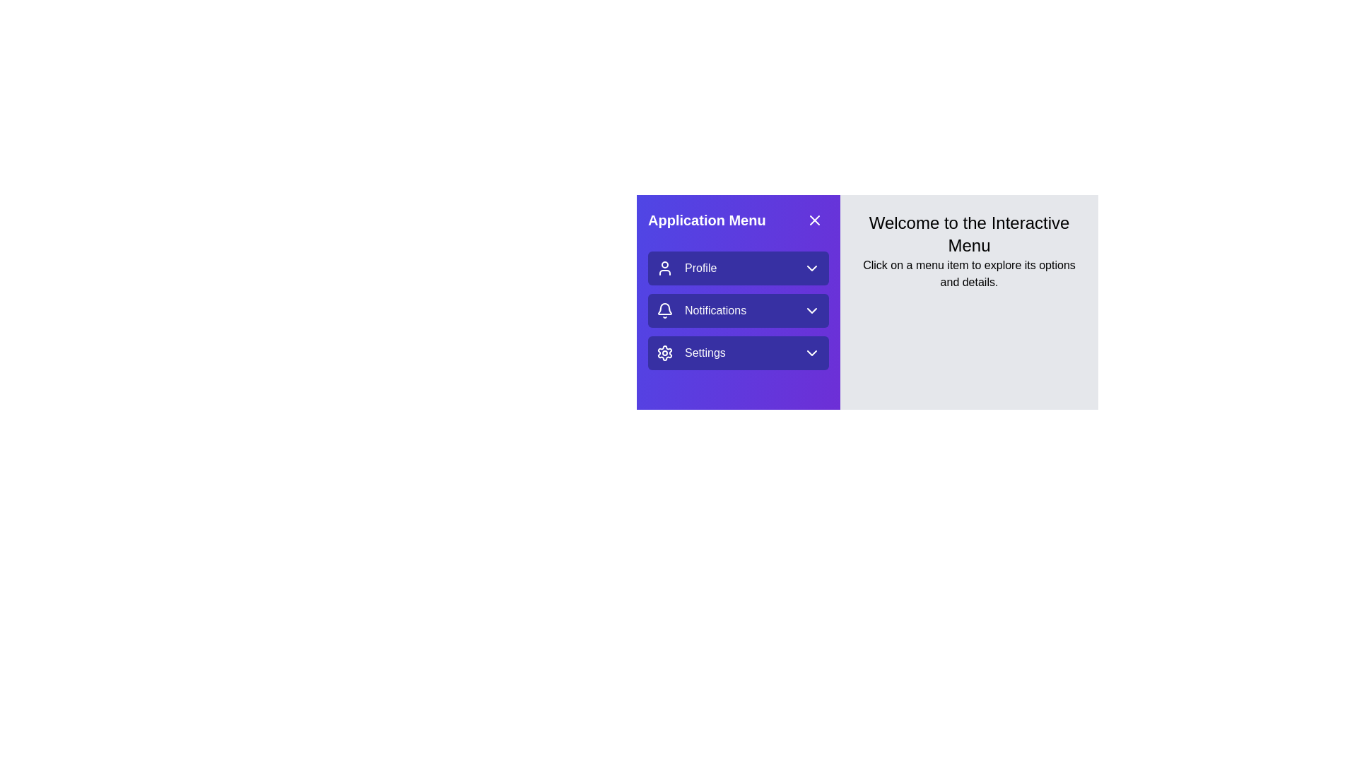 The width and height of the screenshot is (1357, 763). What do you see at coordinates (664, 353) in the screenshot?
I see `the gear icon representing the settings menu` at bounding box center [664, 353].